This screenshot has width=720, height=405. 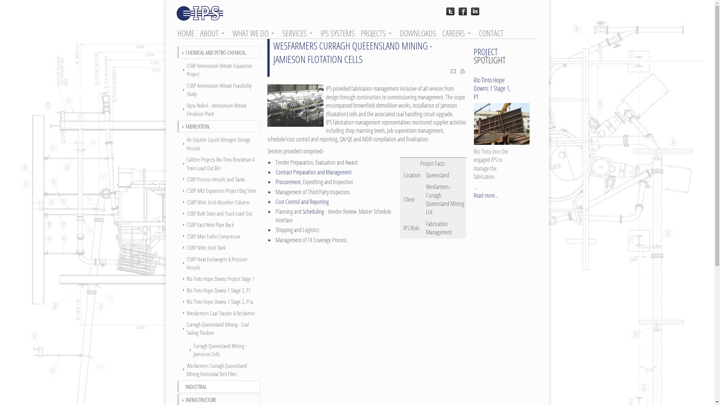 What do you see at coordinates (219, 179) in the screenshot?
I see `'CSBP Process Vessels and Tanks'` at bounding box center [219, 179].